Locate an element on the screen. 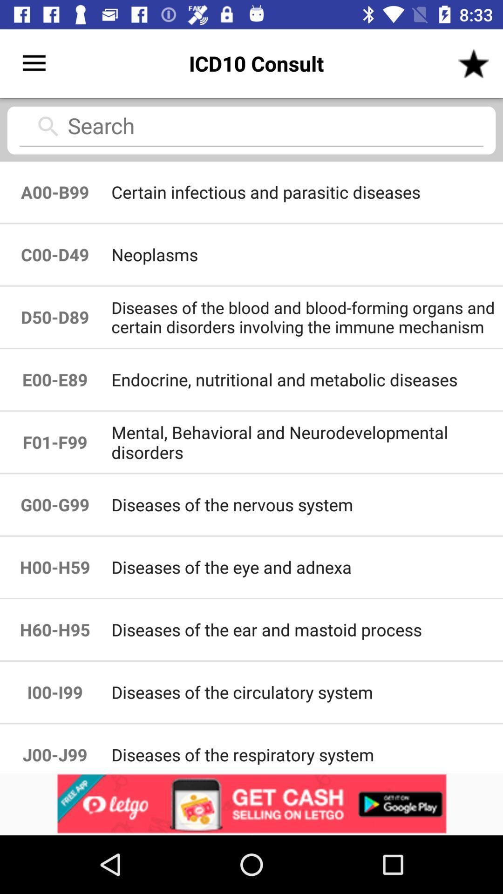 This screenshot has height=894, width=503. the icon to the left of diseases of the icon is located at coordinates (55, 630).